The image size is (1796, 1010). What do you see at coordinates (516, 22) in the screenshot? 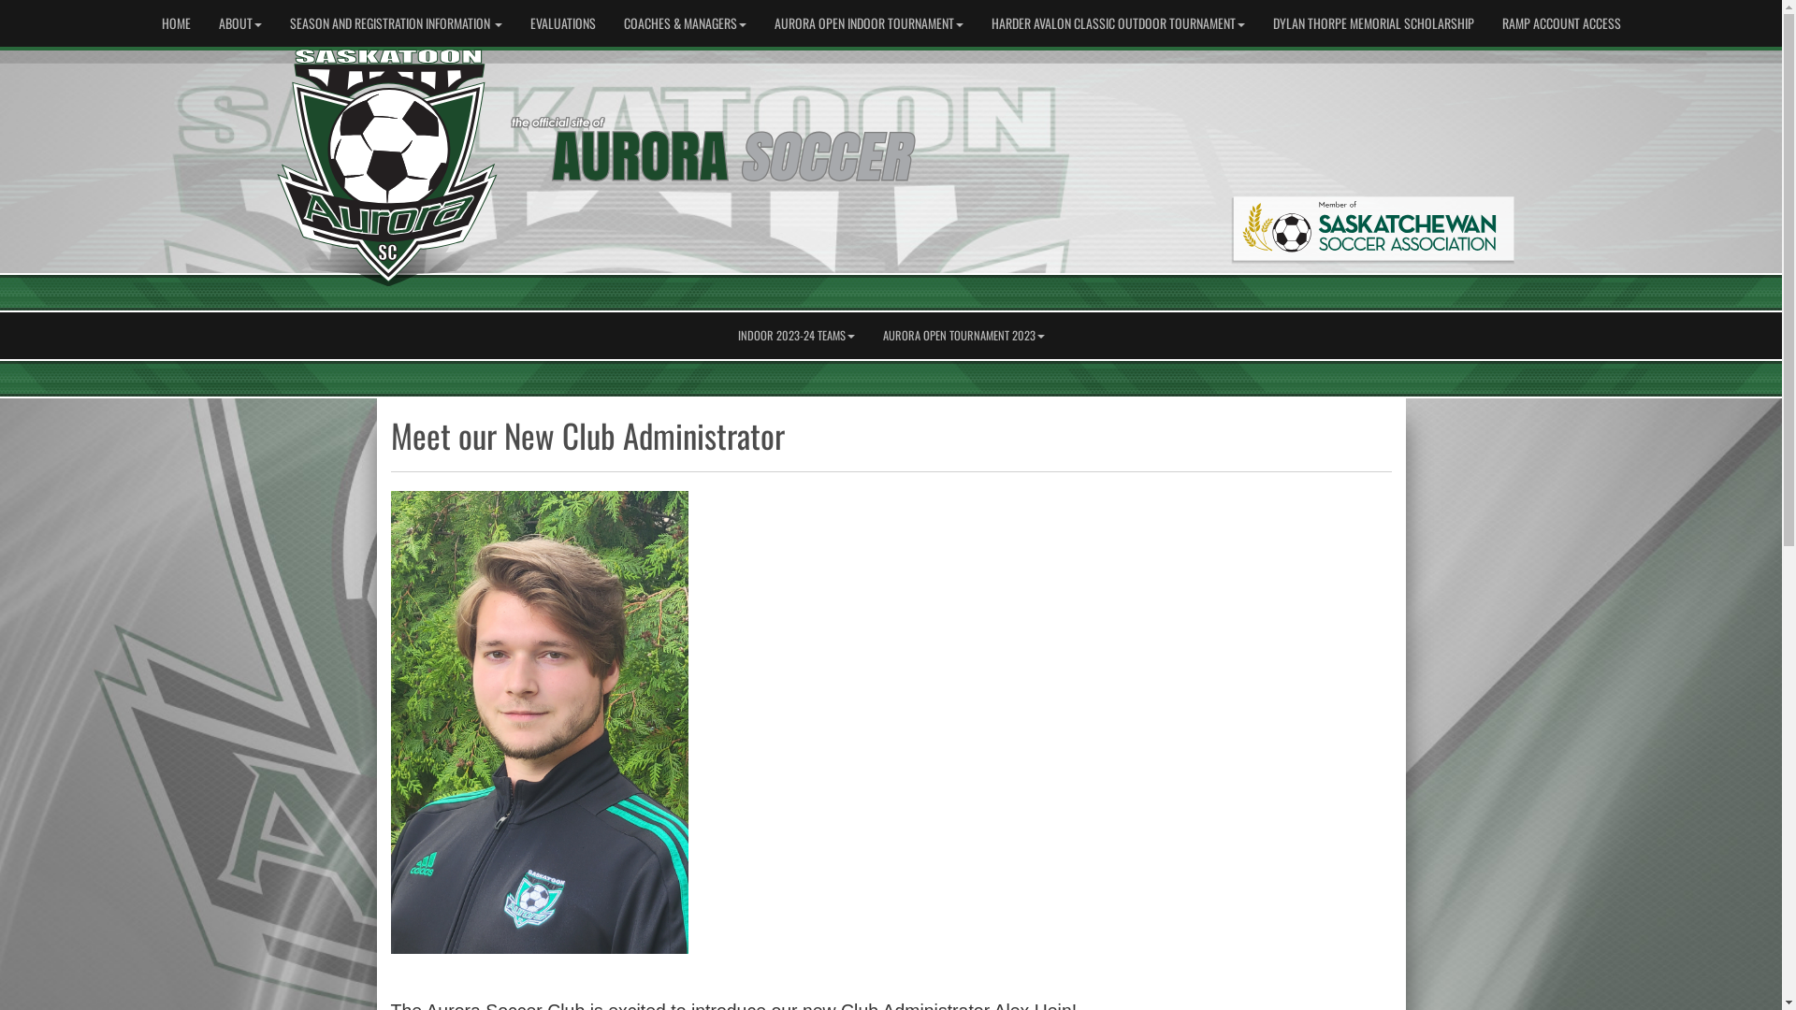
I see `'EVALUATIONS'` at bounding box center [516, 22].